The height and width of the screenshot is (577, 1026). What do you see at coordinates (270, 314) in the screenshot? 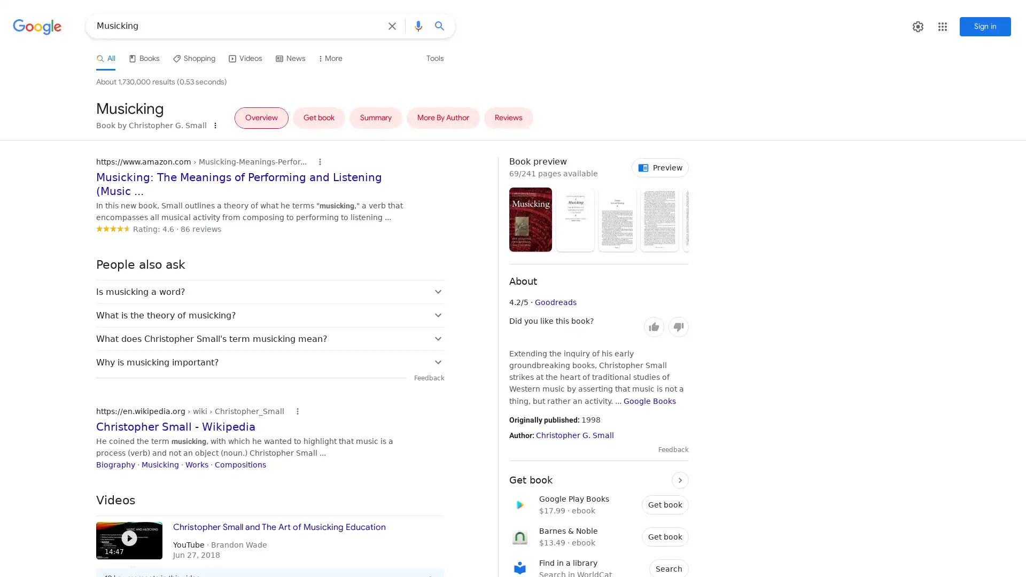
I see `What is the theory of musicking?` at bounding box center [270, 314].